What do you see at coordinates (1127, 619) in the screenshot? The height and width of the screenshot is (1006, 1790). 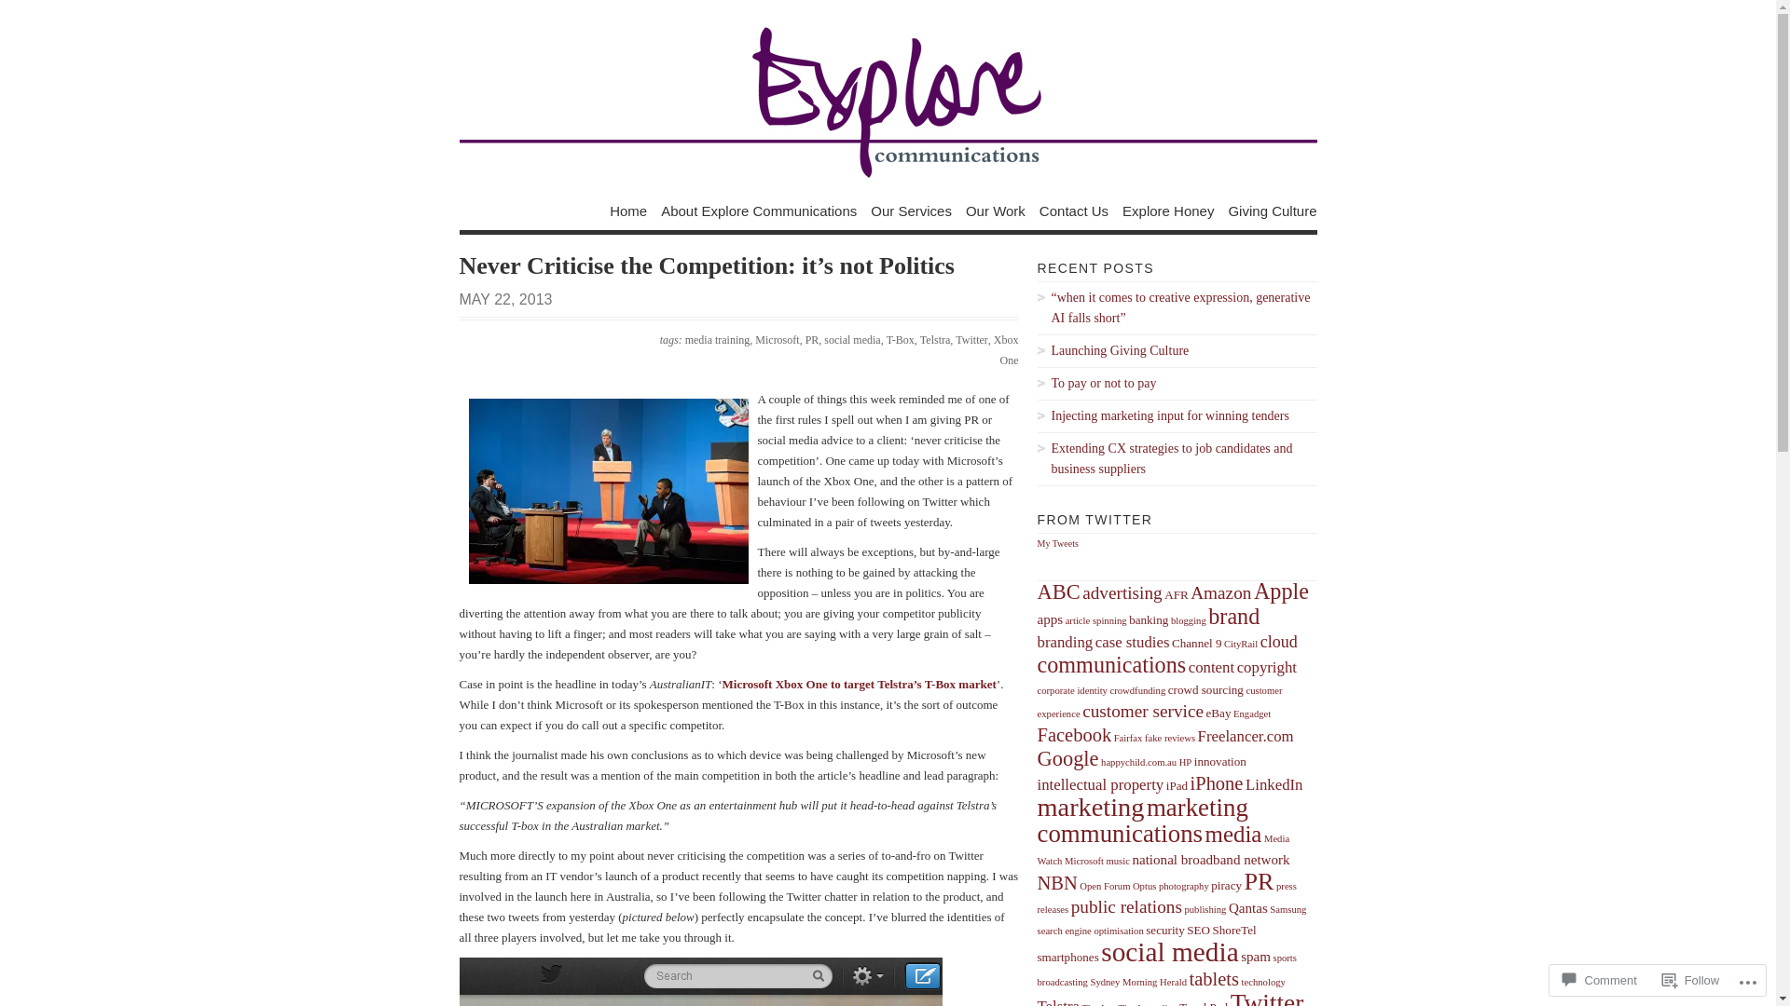 I see `'banking'` at bounding box center [1127, 619].